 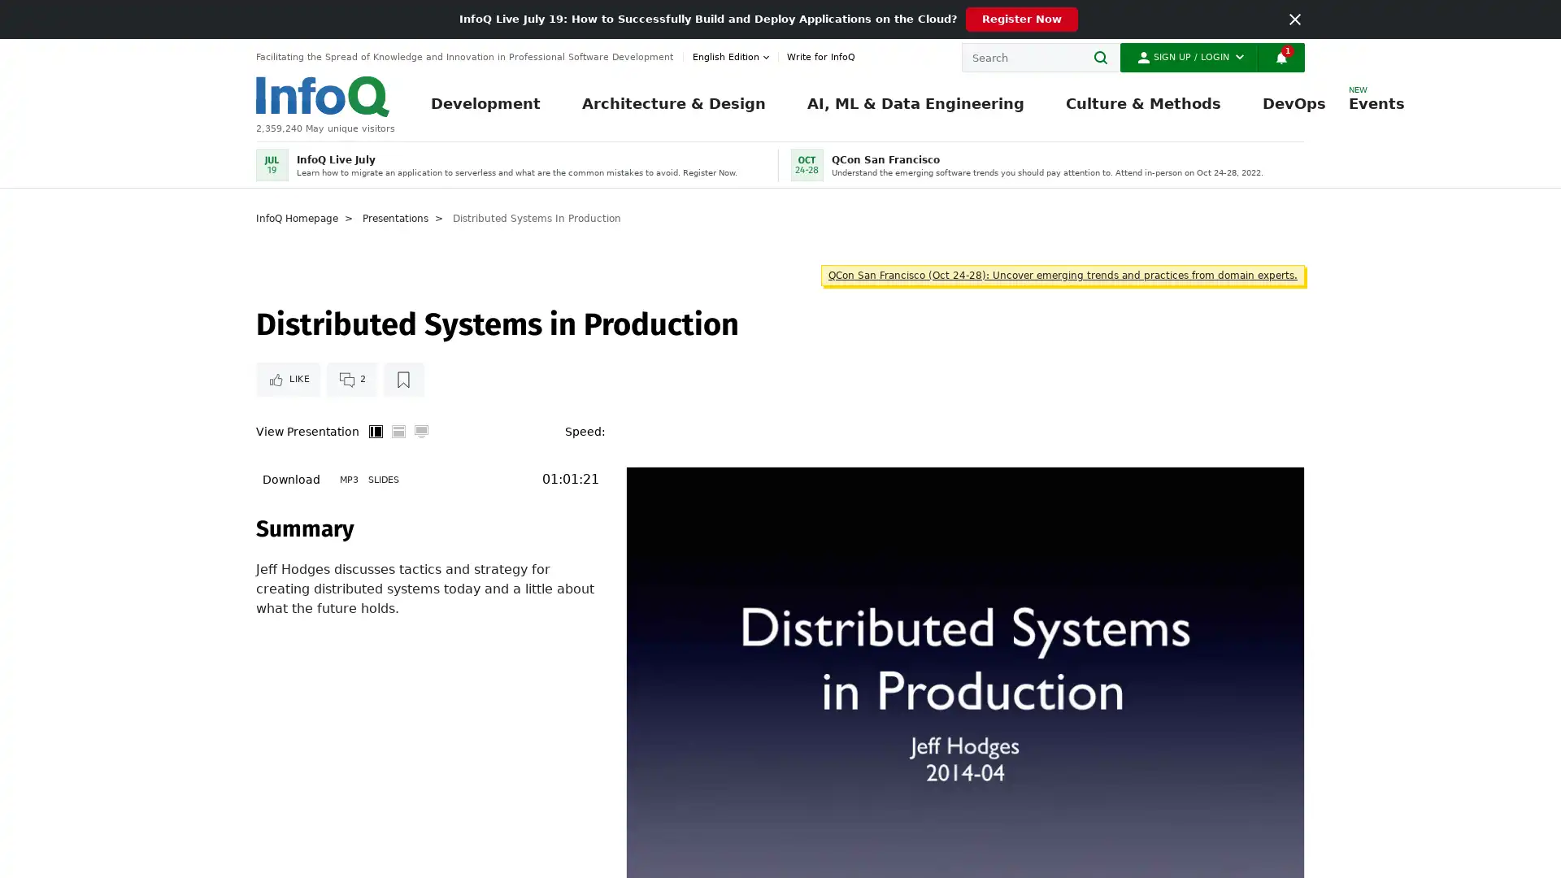 I want to click on Sign Up / Login, so click(x=1189, y=56).